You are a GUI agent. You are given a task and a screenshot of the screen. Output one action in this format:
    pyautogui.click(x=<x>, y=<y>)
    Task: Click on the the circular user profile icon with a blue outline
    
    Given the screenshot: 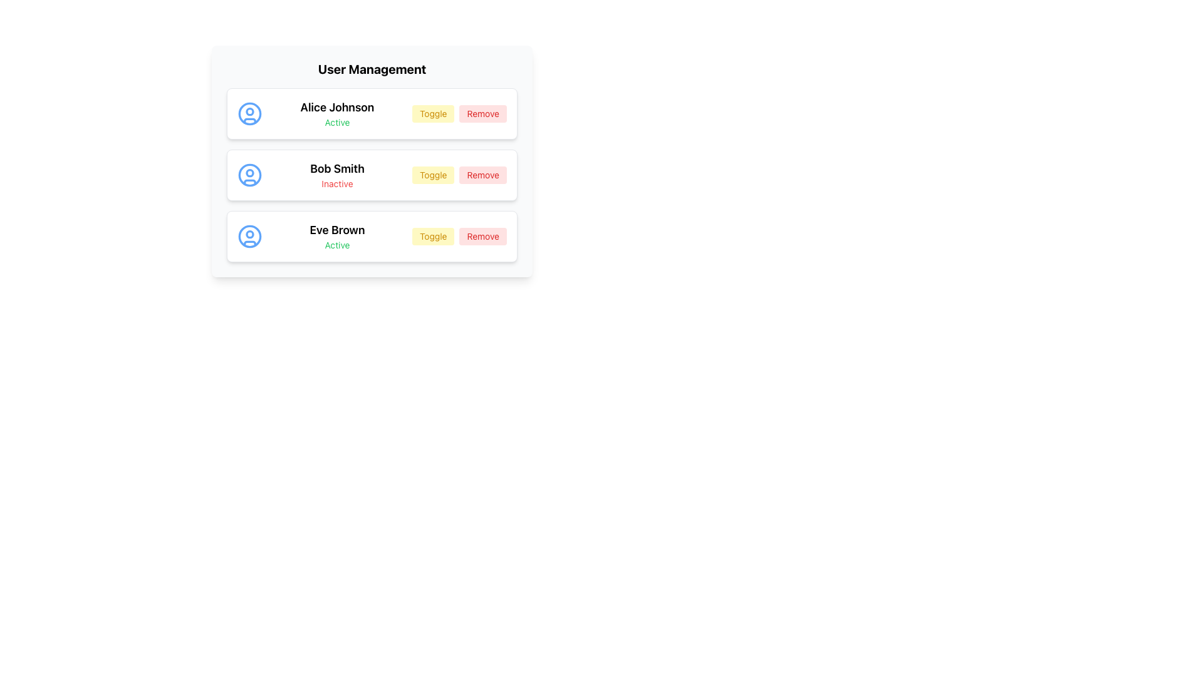 What is the action you would take?
    pyautogui.click(x=249, y=113)
    